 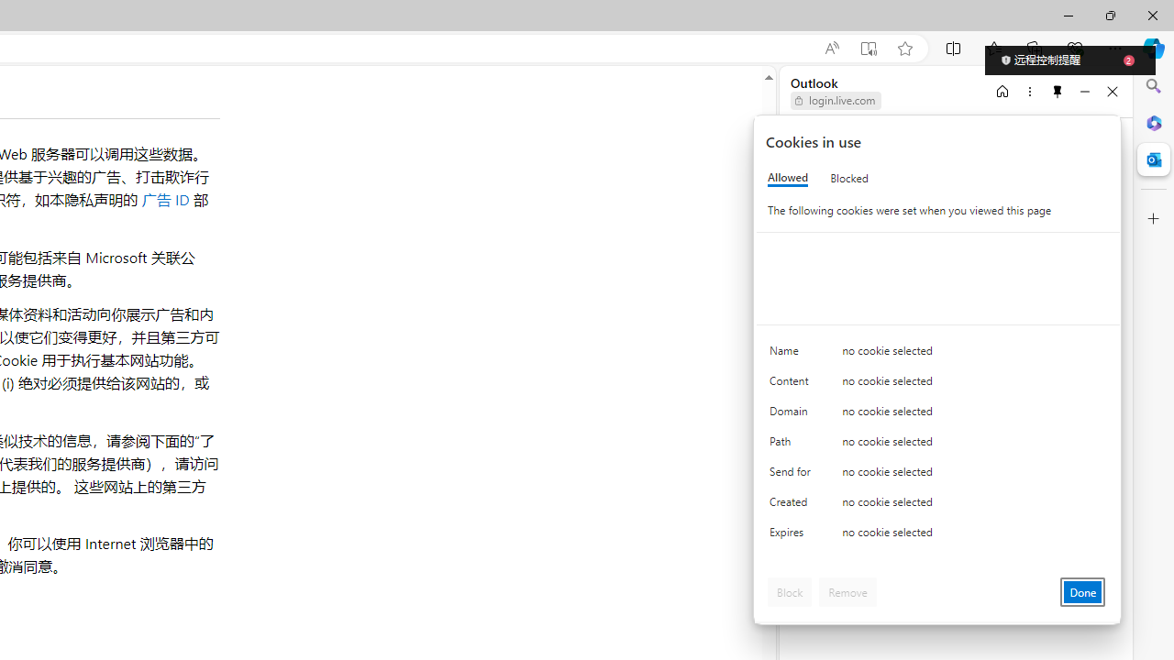 What do you see at coordinates (793, 355) in the screenshot?
I see `'Name'` at bounding box center [793, 355].